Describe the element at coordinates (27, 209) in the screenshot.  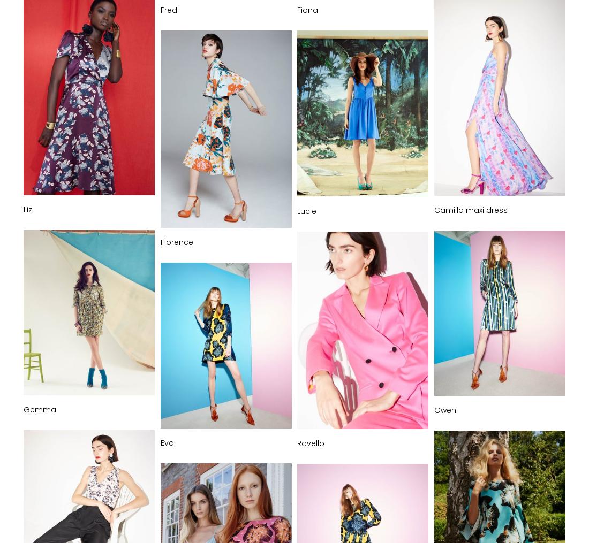
I see `'Liz'` at that location.